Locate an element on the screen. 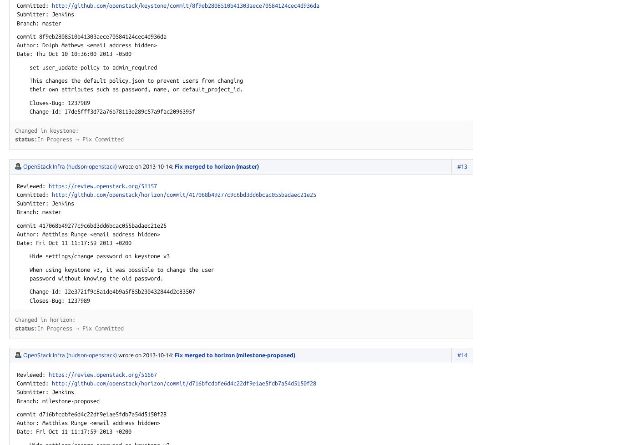 The image size is (637, 445). 'org/51157' is located at coordinates (142, 185).